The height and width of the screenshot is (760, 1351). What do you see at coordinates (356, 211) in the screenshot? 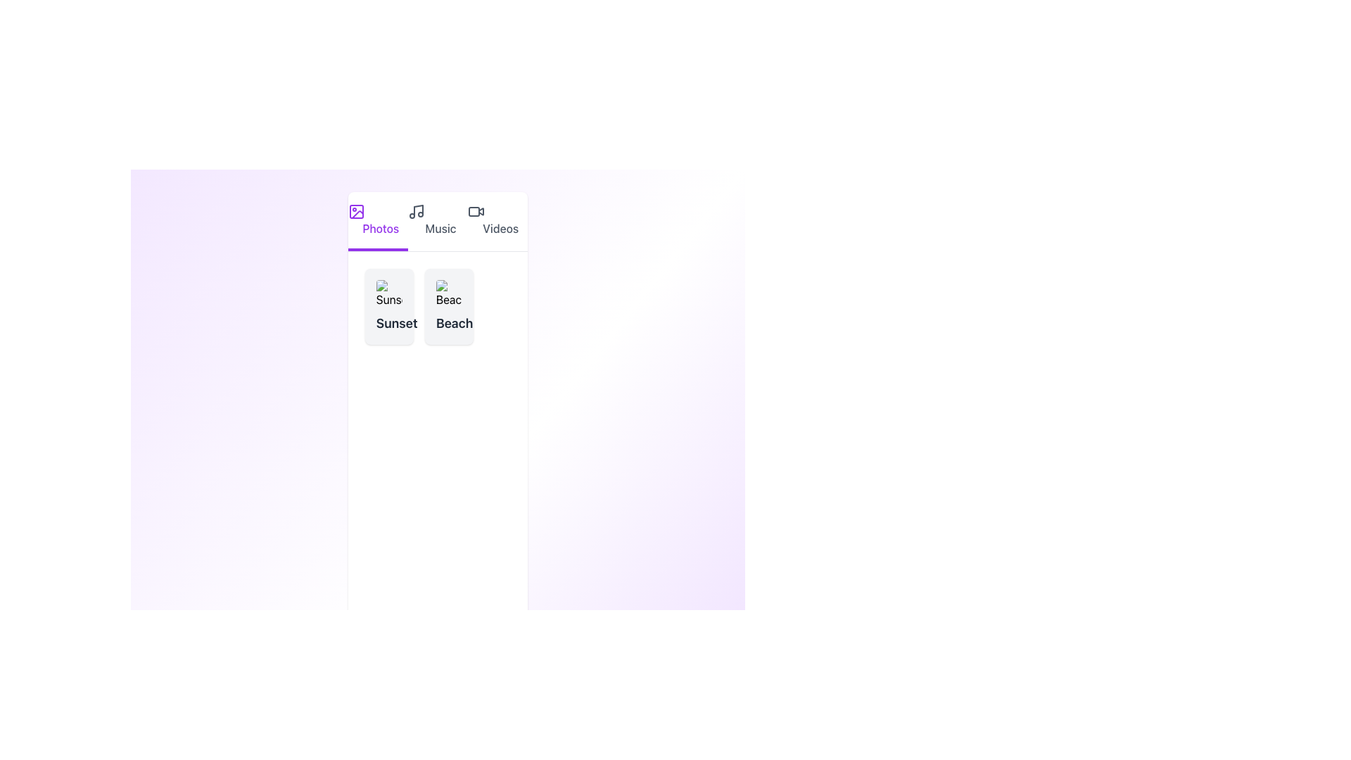
I see `the iconography of the Photos tab icon, which is located in the top-left part of the Photos tab, directly above the 'Photos' text label` at bounding box center [356, 211].